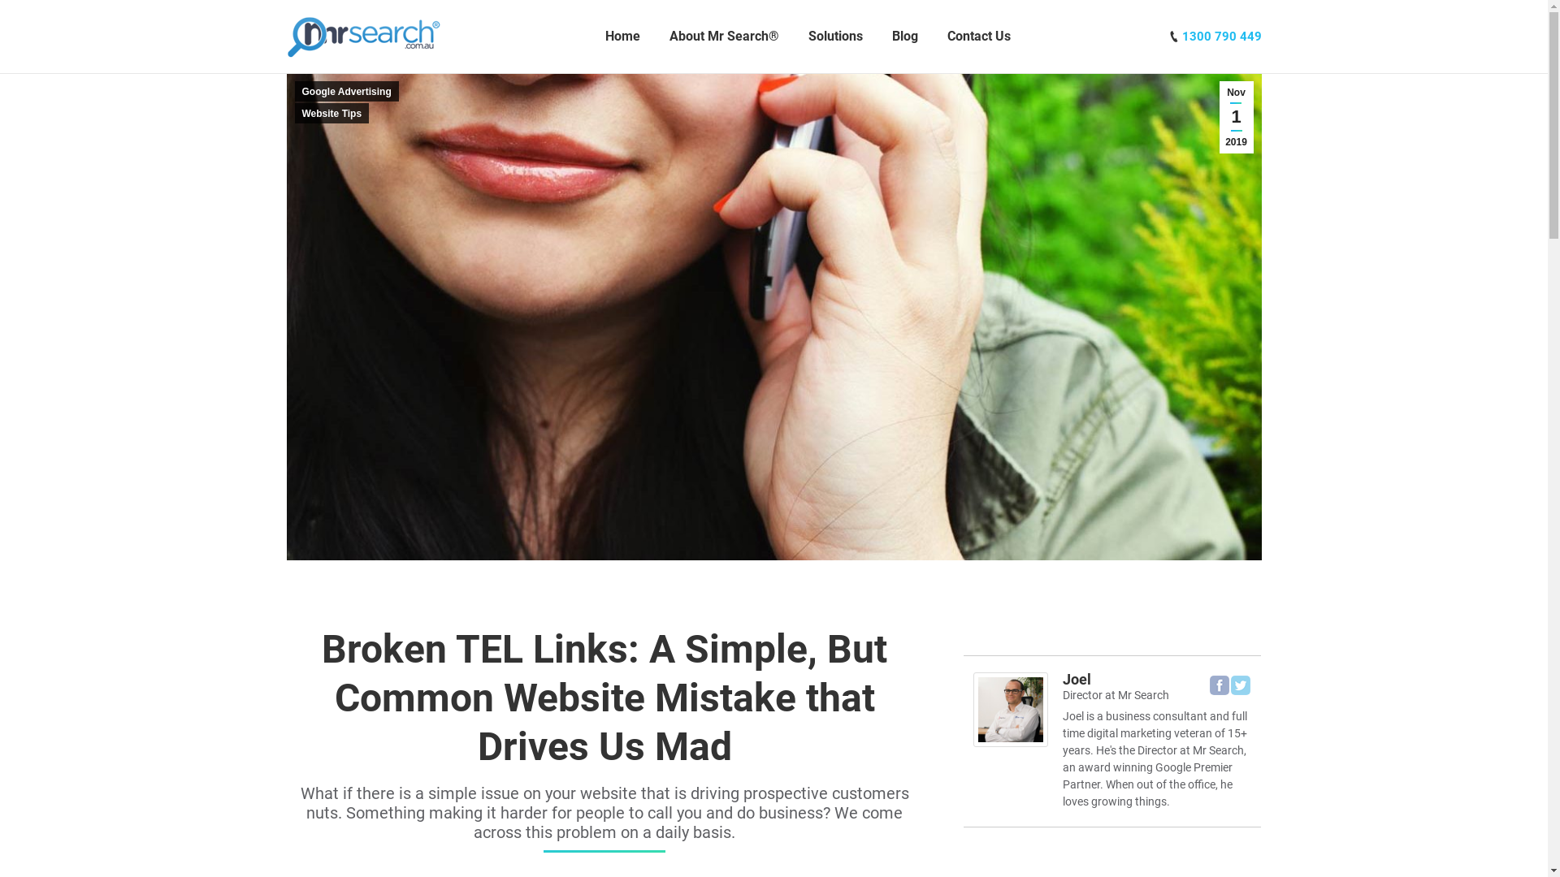  I want to click on 'Blog', so click(903, 37).